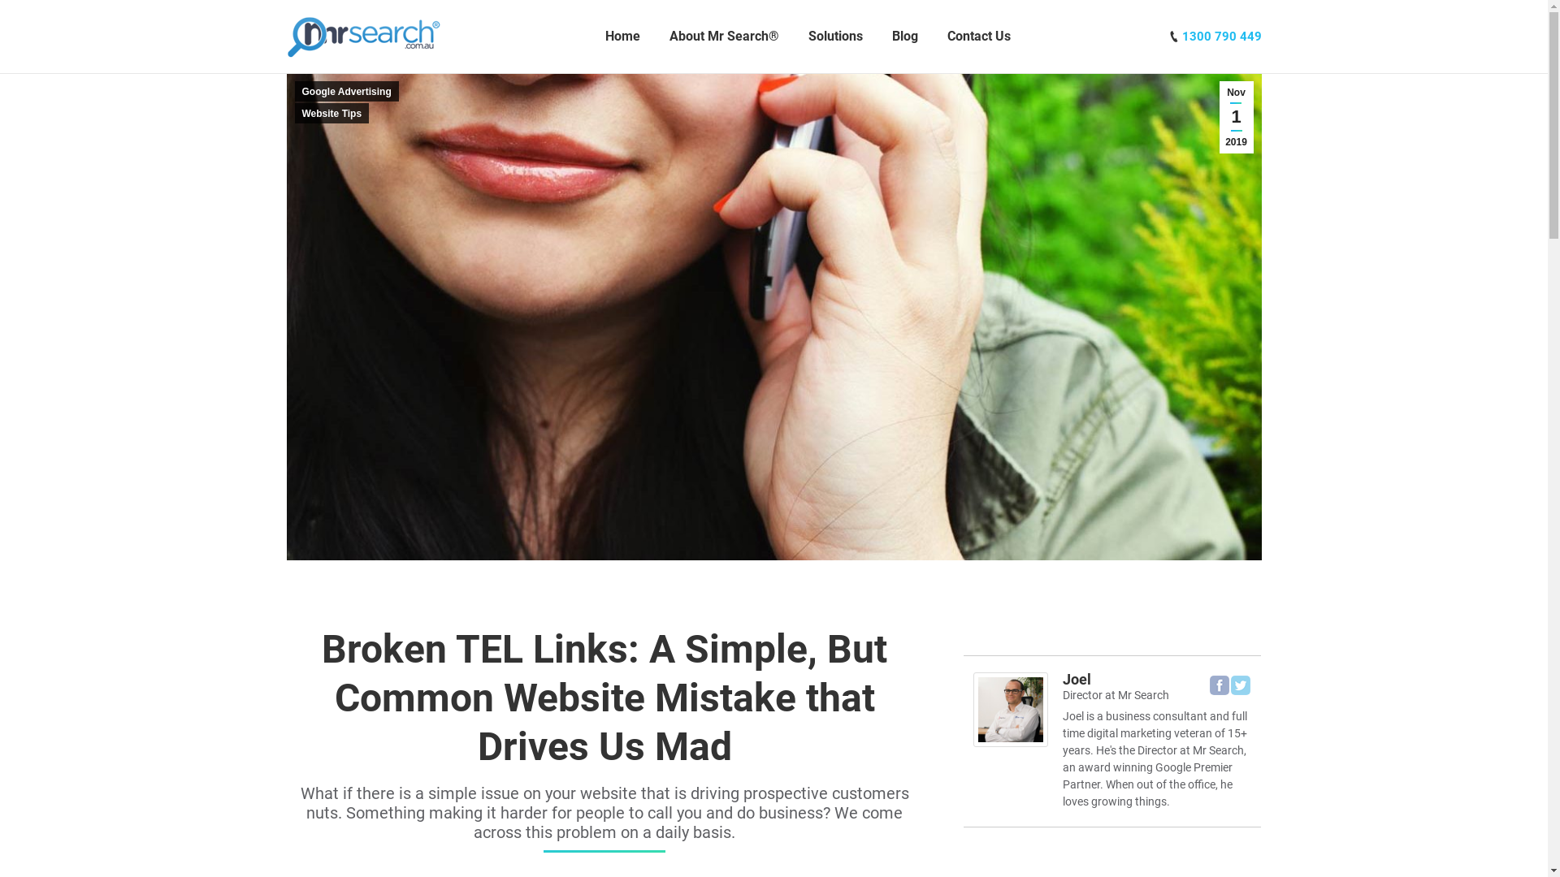  I want to click on 'Blog', so click(903, 37).